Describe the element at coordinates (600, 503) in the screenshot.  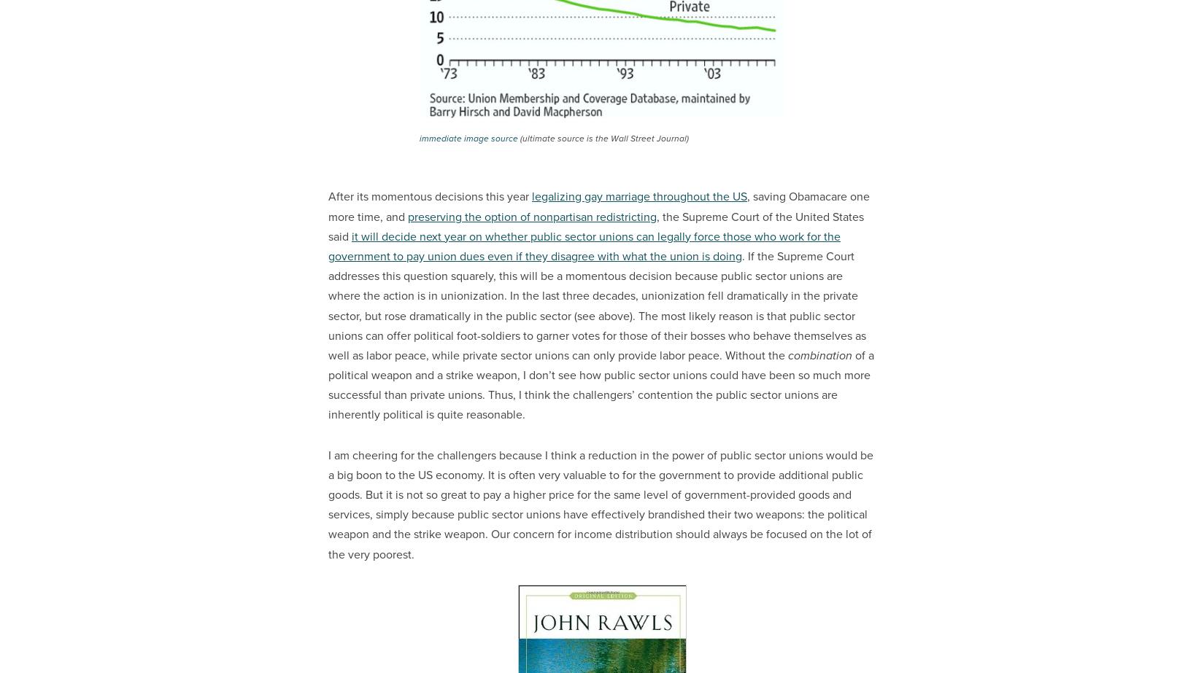
I see `'I am cheering for the challengers because I think a reduction in the power of public sector unions would be a big boon to the US economy. It is often very valuable to for the government to provide additional public goods. But it is not so great to pay a higher price for the same level of government-provided goods and services, simply because public sector unions have effectively brandished their two weapons: the political weapon and the strike weapon. Our concern for income distribution should always be focused on the lot of the very poorest.'` at that location.